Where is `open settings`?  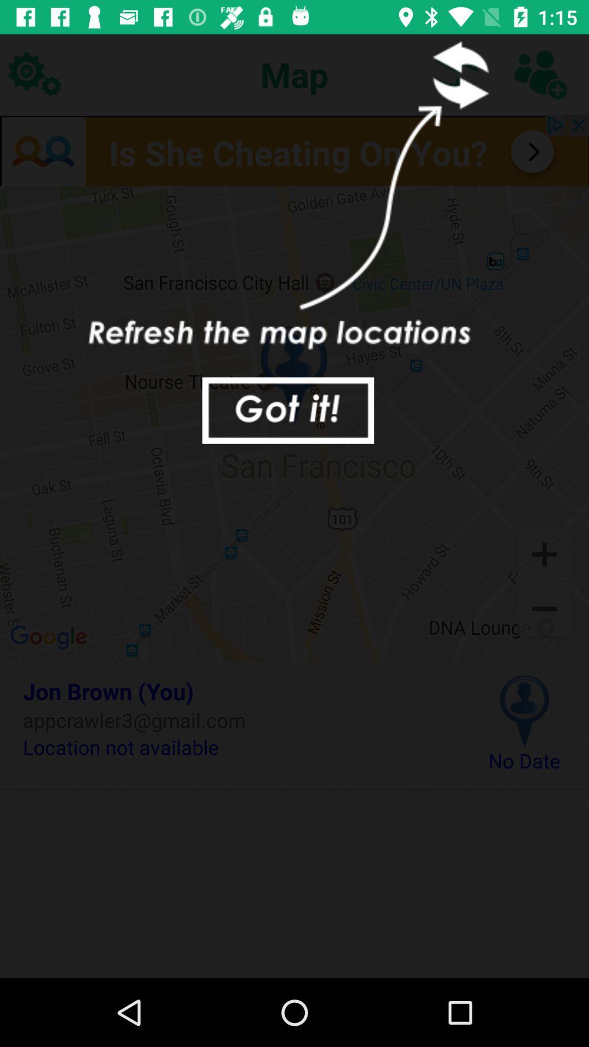 open settings is located at coordinates (33, 74).